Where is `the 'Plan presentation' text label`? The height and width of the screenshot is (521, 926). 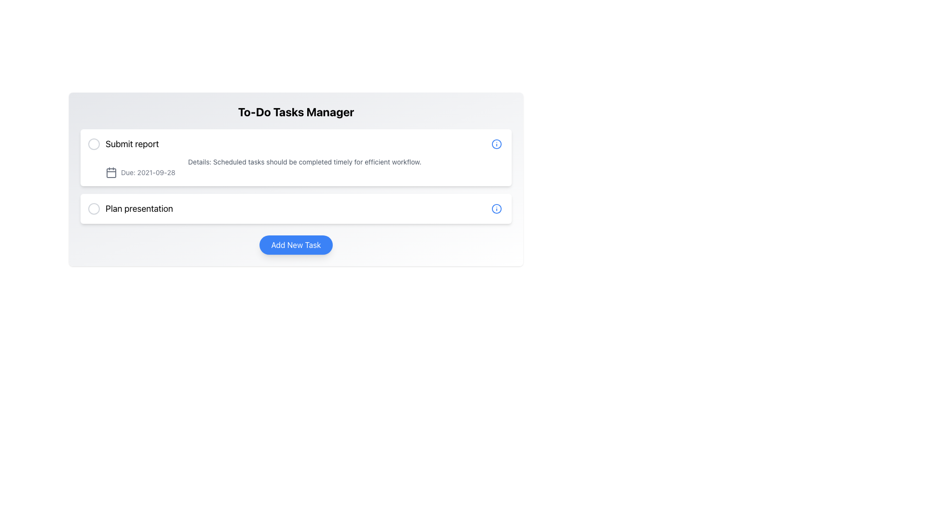
the 'Plan presentation' text label is located at coordinates (130, 208).